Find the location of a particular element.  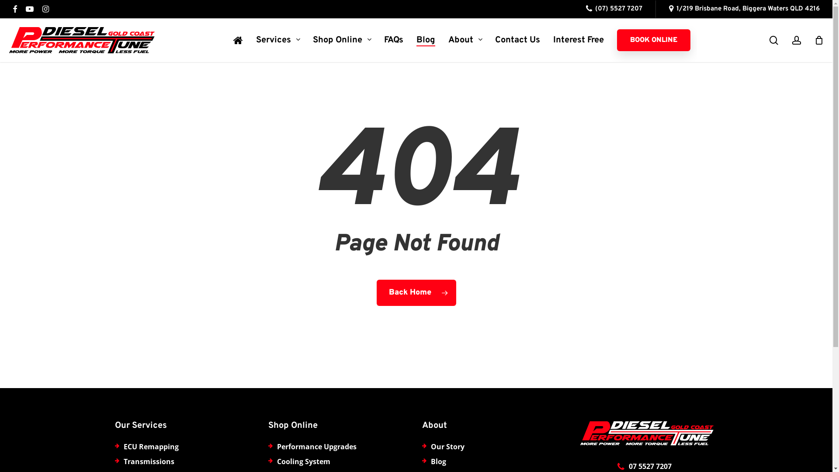

'Transmissions' is located at coordinates (149, 461).